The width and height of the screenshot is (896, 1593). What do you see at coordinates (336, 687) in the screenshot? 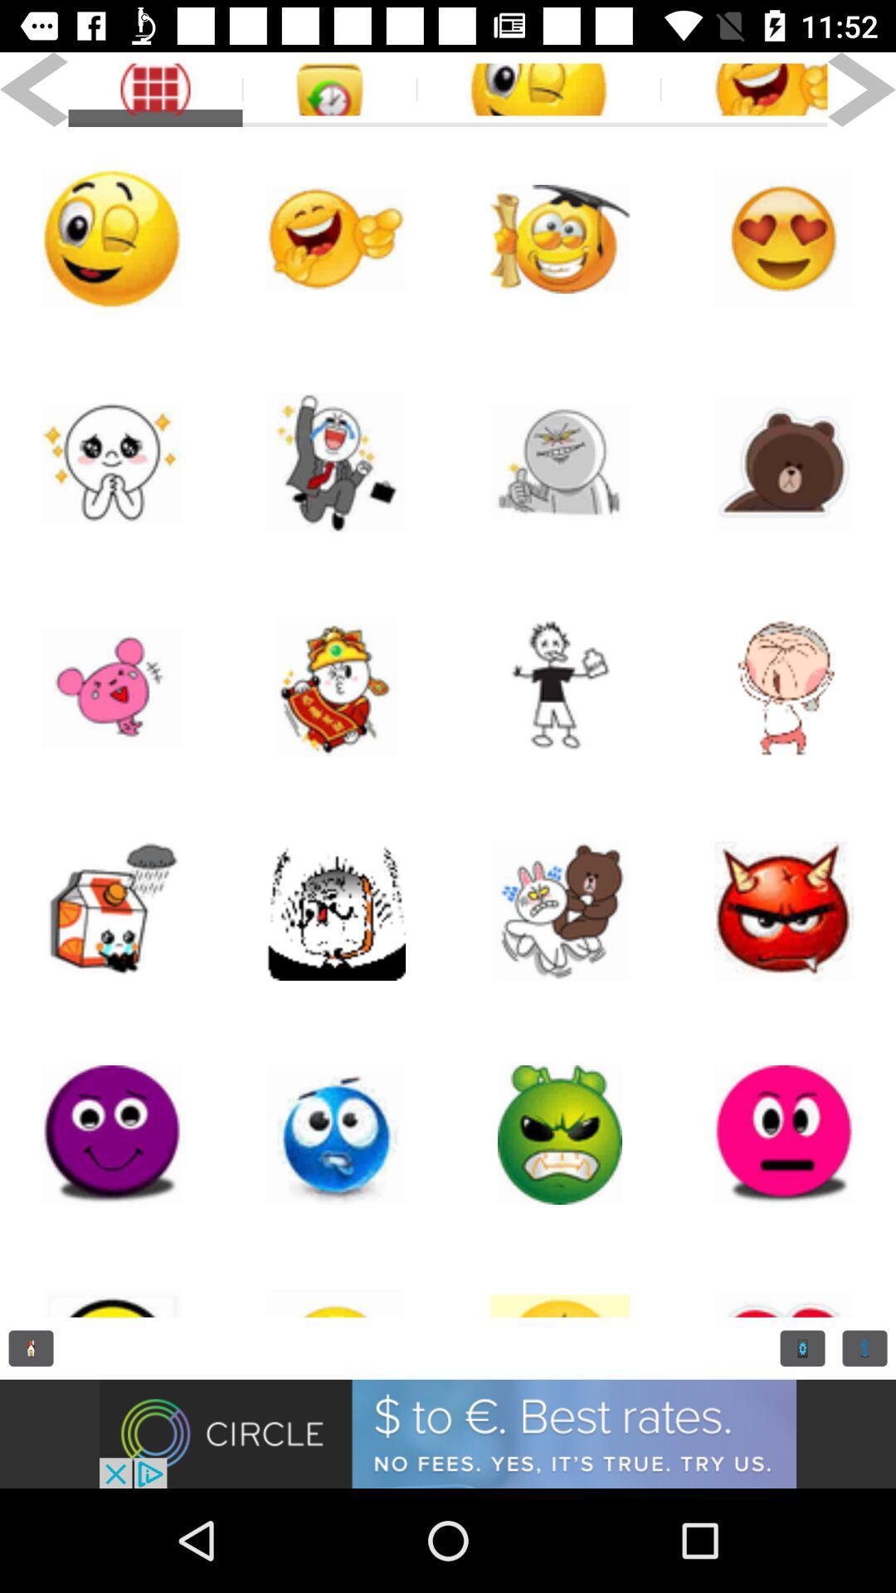
I see `icon page` at bounding box center [336, 687].